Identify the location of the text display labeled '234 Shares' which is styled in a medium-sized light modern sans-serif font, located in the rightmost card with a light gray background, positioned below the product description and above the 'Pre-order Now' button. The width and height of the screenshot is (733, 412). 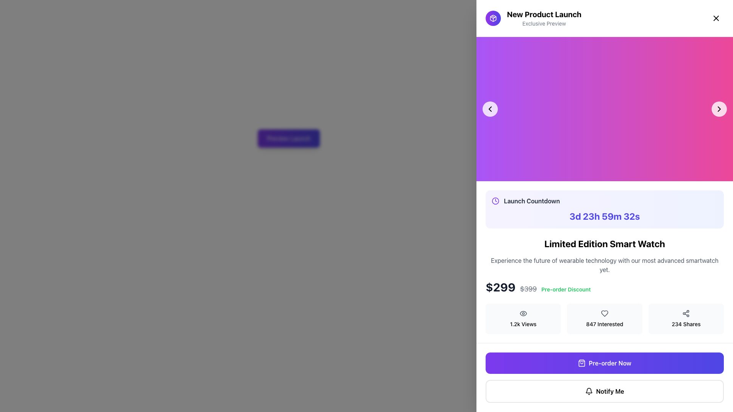
(686, 324).